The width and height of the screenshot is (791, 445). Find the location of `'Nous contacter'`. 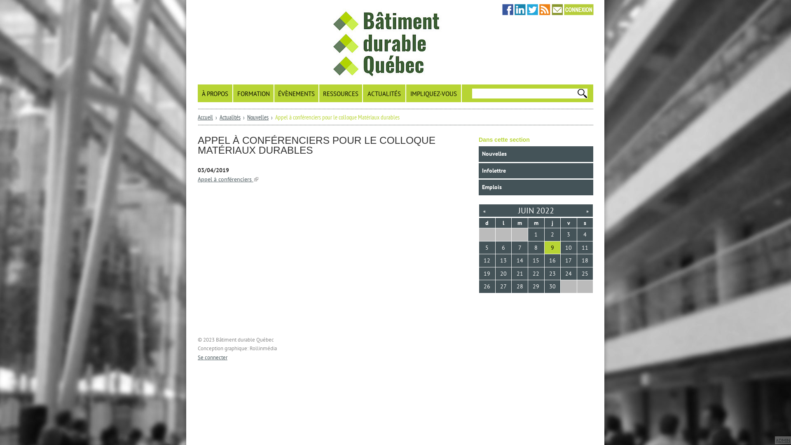

'Nous contacter' is located at coordinates (557, 9).